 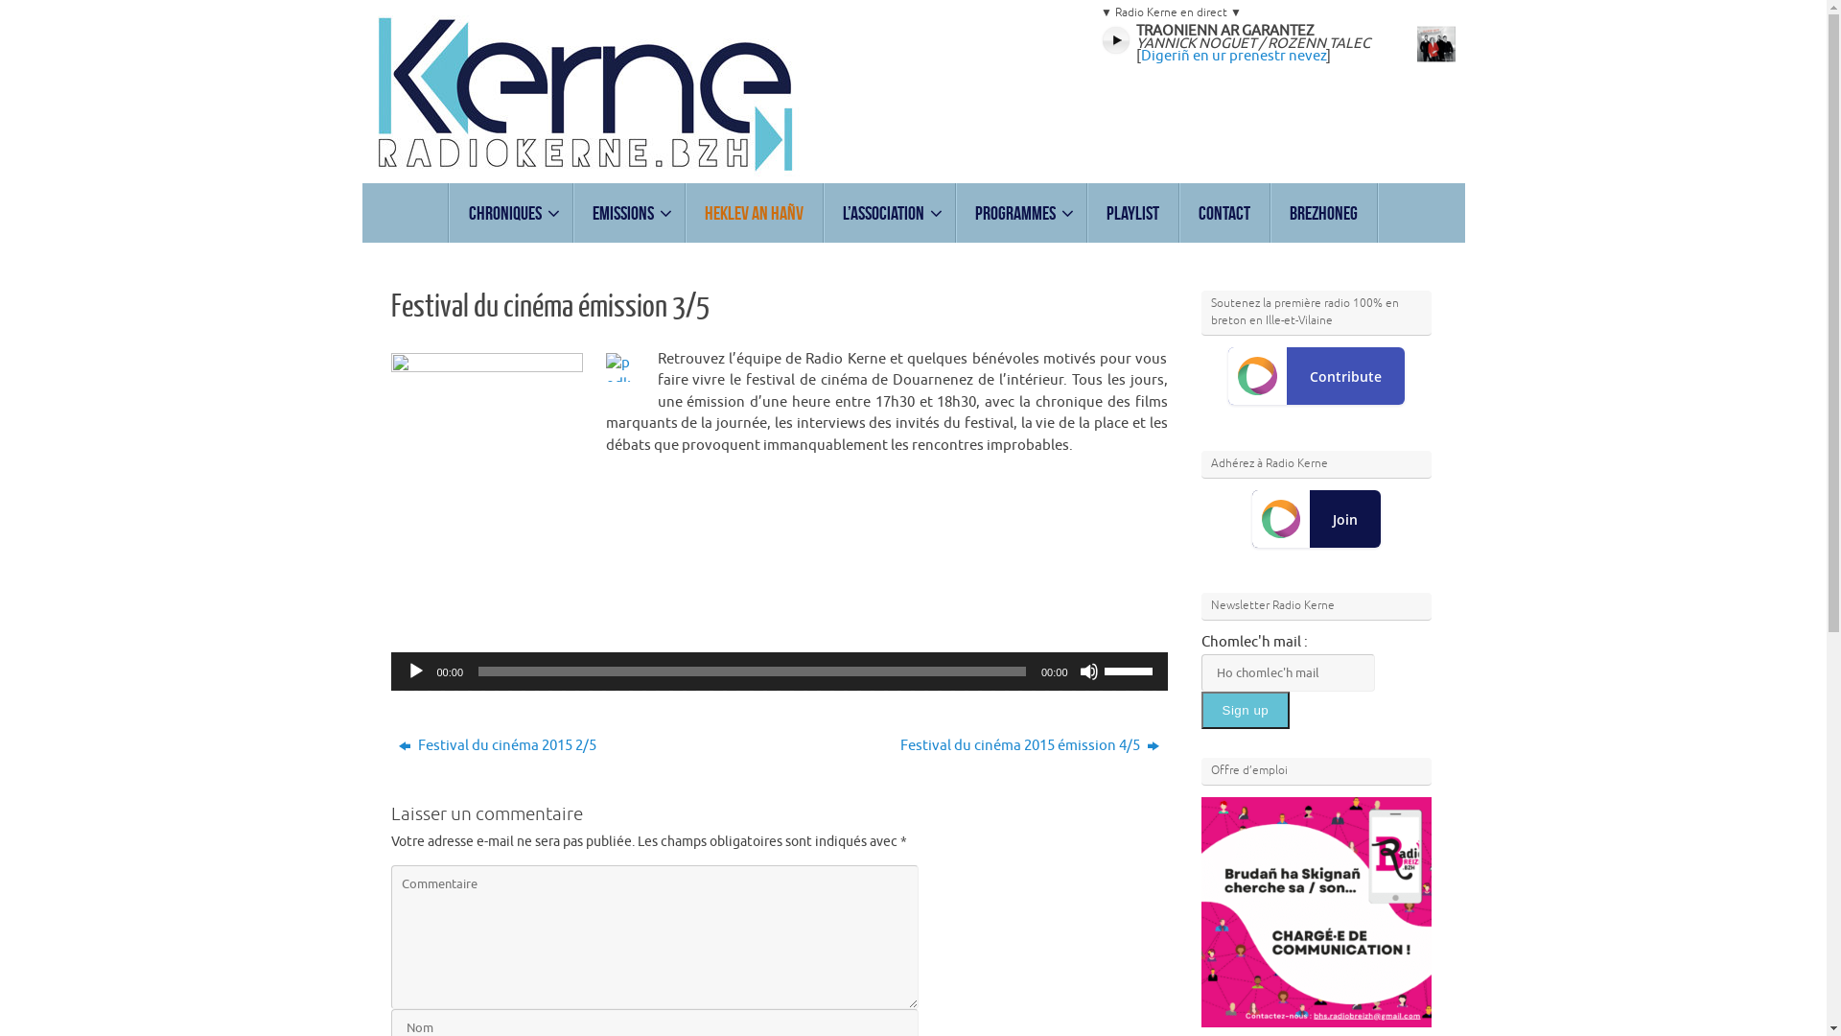 What do you see at coordinates (629, 213) in the screenshot?
I see `'Emissions'` at bounding box center [629, 213].